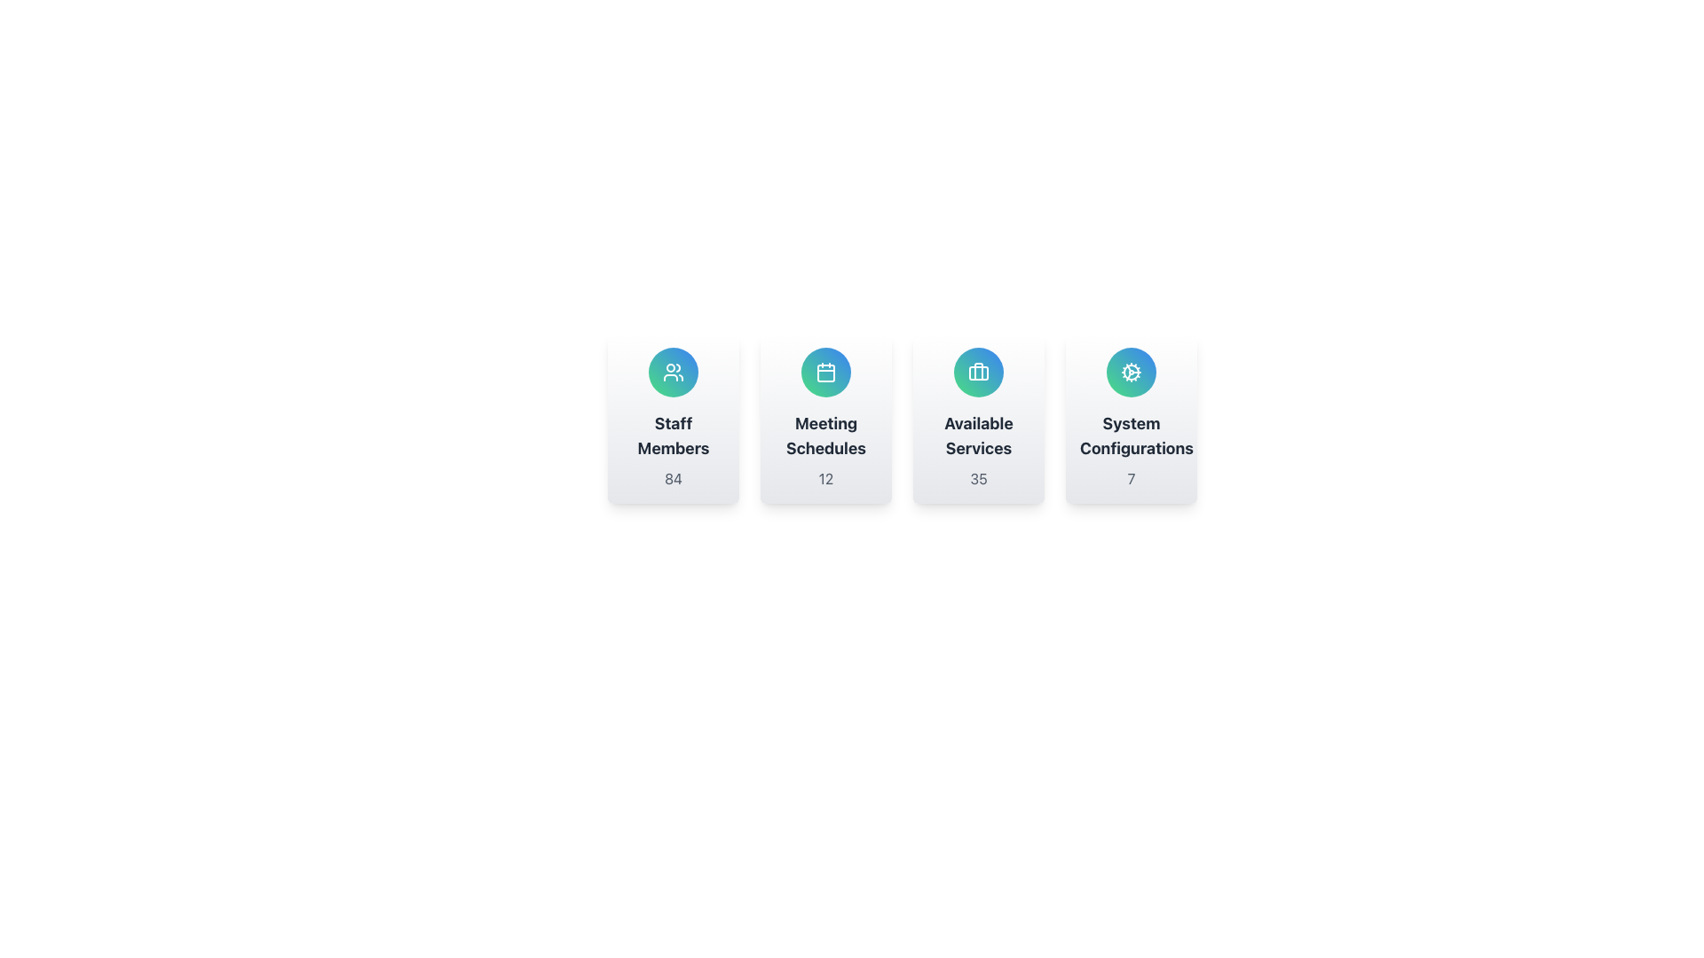 Image resolution: width=1704 pixels, height=958 pixels. What do you see at coordinates (978, 372) in the screenshot?
I see `the central circular icon button related to 'Available Services'` at bounding box center [978, 372].